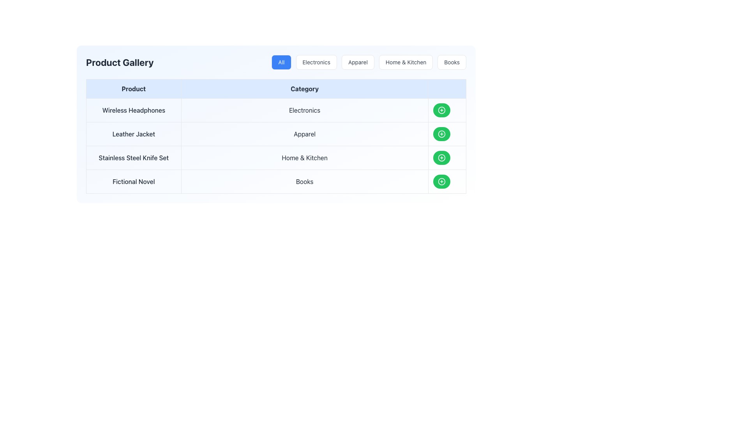  I want to click on the rounded green button with a white plus symbol located in the last row of the table under the 'Fictional Novel' entry in the 'Product Gallery', so click(441, 182).